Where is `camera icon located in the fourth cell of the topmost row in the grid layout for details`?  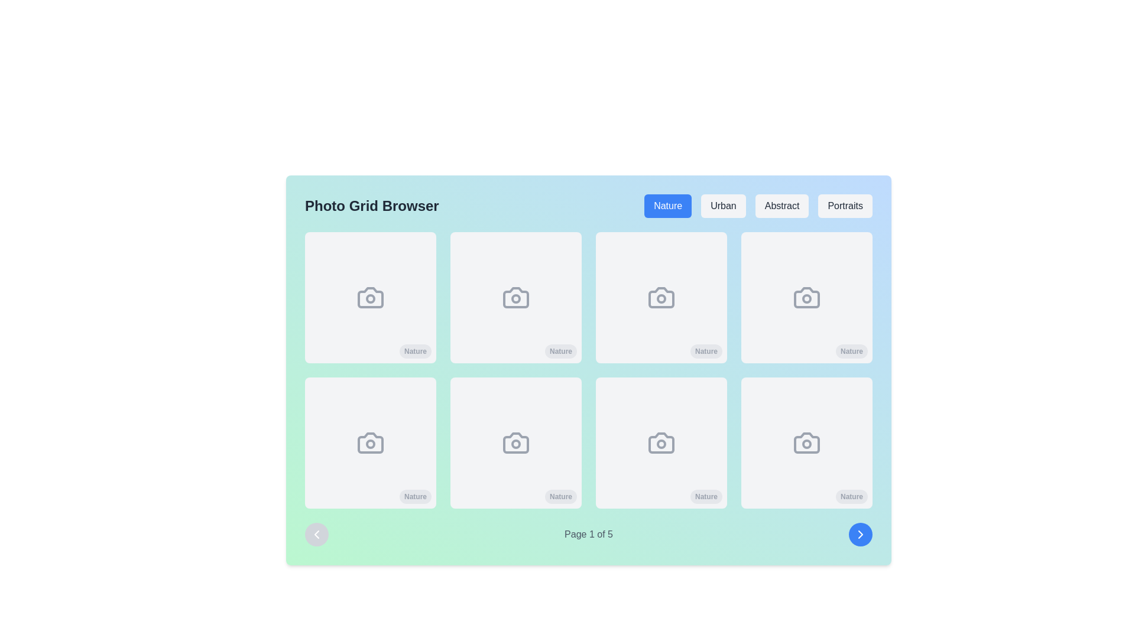
camera icon located in the fourth cell of the topmost row in the grid layout for details is located at coordinates (806, 297).